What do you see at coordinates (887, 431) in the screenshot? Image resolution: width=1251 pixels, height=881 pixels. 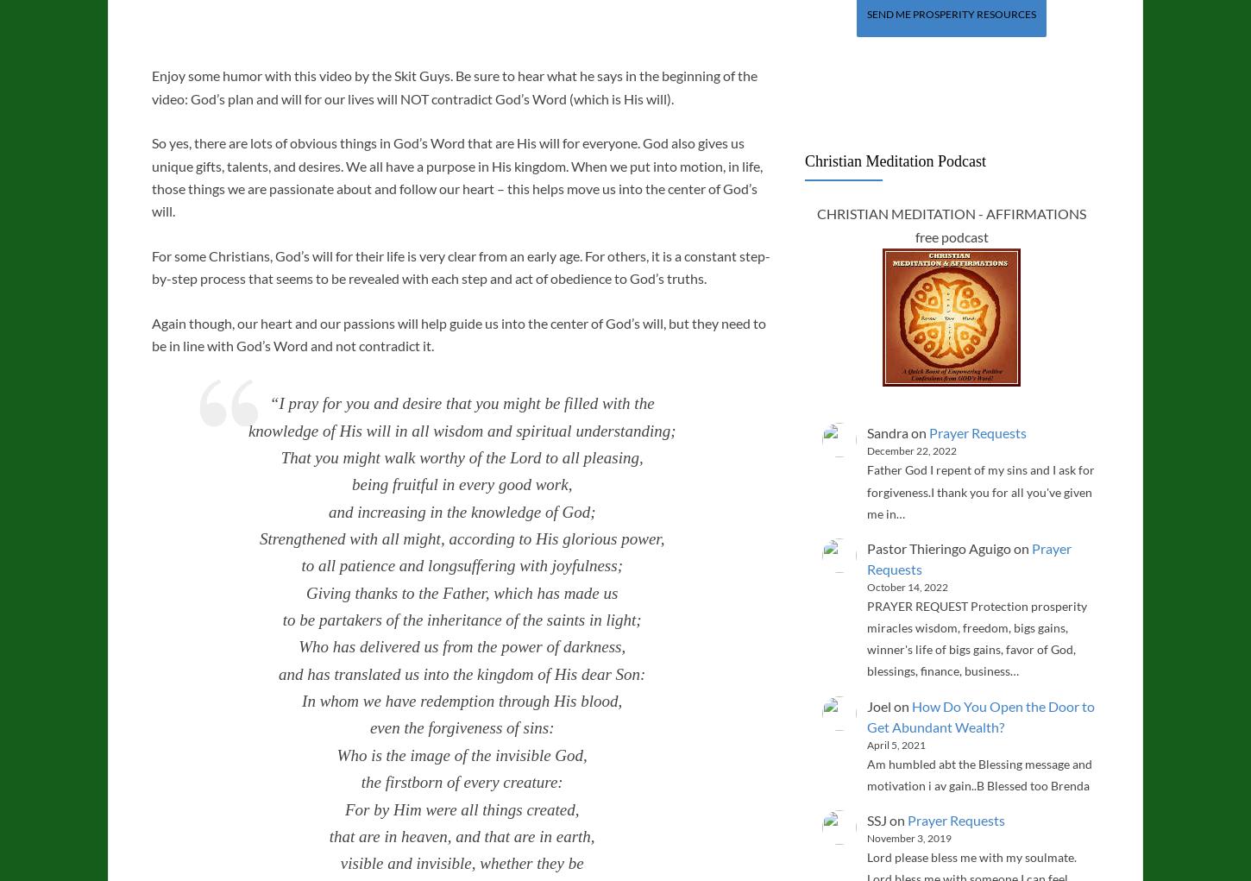 I see `'Sandra'` at bounding box center [887, 431].